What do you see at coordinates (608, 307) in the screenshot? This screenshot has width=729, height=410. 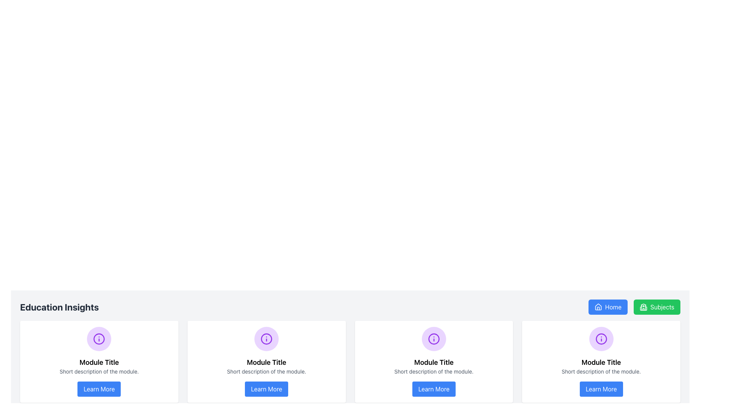 I see `the blue rectangular button labeled 'Home' with a house icon` at bounding box center [608, 307].